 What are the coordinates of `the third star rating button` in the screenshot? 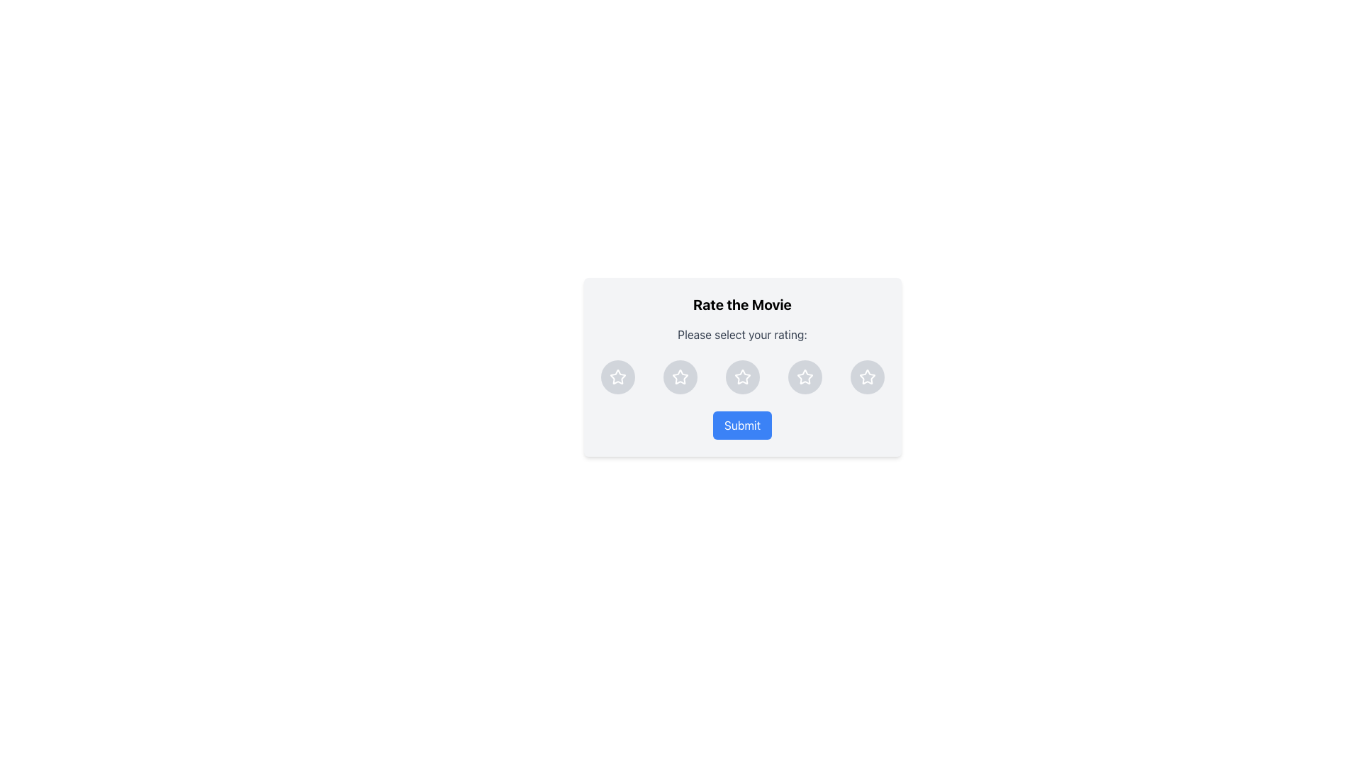 It's located at (741, 377).